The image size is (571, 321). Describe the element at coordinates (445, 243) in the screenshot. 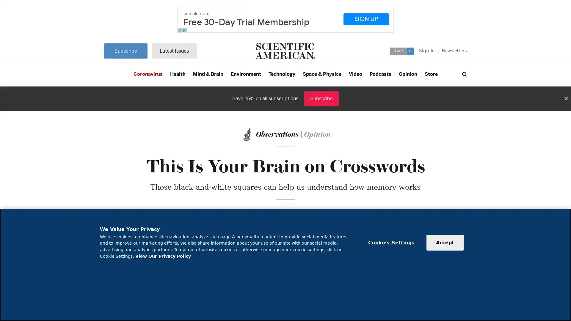

I see `Accept` at that location.